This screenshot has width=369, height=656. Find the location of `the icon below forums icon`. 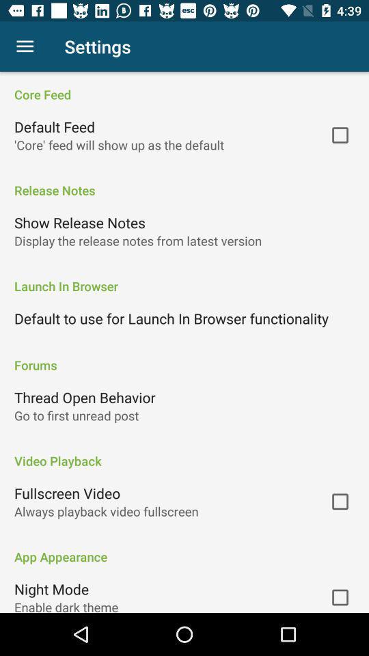

the icon below forums icon is located at coordinates (85, 397).